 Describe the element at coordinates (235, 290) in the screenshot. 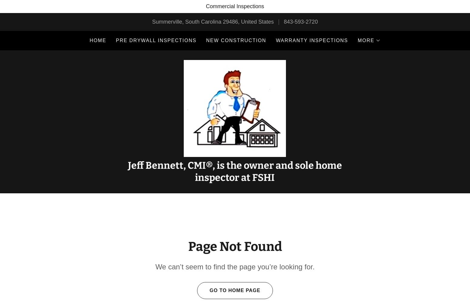

I see `'Go To Home Page'` at that location.